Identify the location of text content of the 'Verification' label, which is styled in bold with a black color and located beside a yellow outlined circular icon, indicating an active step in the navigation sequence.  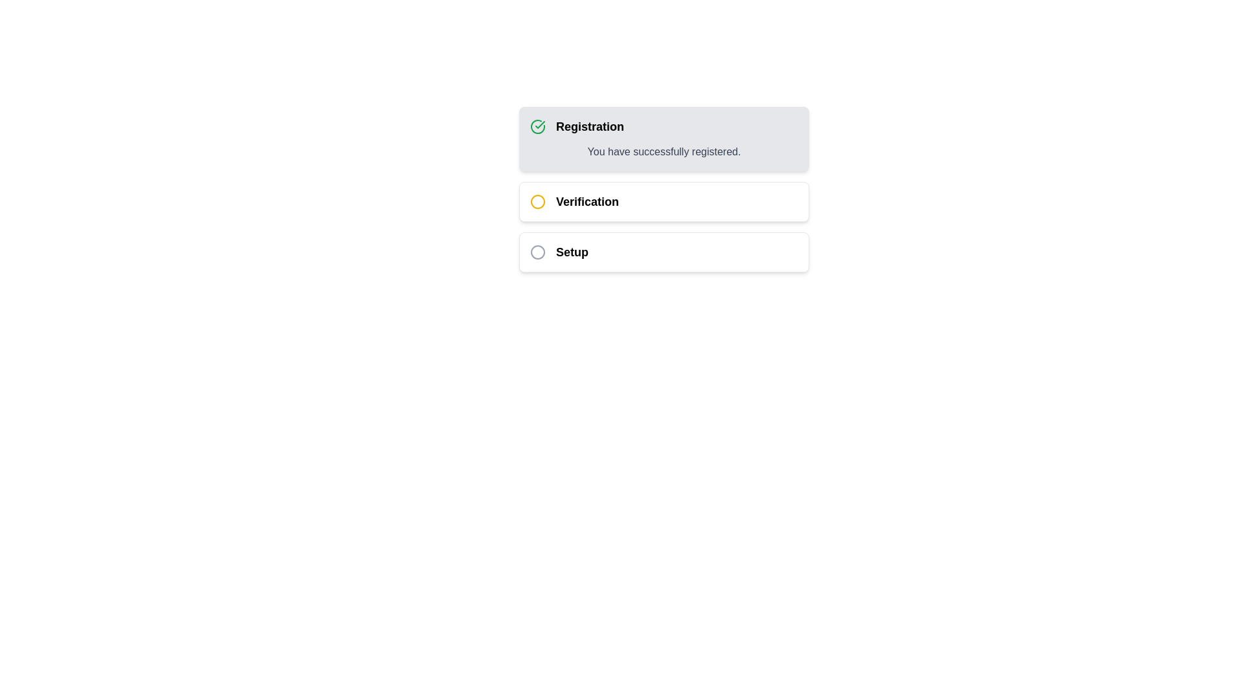
(587, 202).